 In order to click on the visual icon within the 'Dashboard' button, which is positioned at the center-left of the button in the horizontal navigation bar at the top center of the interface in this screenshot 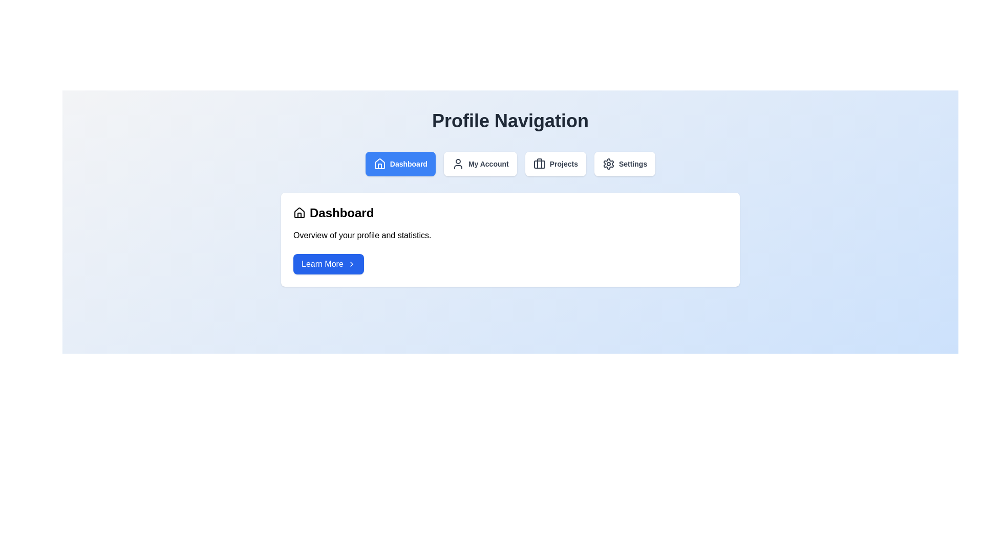, I will do `click(379, 163)`.